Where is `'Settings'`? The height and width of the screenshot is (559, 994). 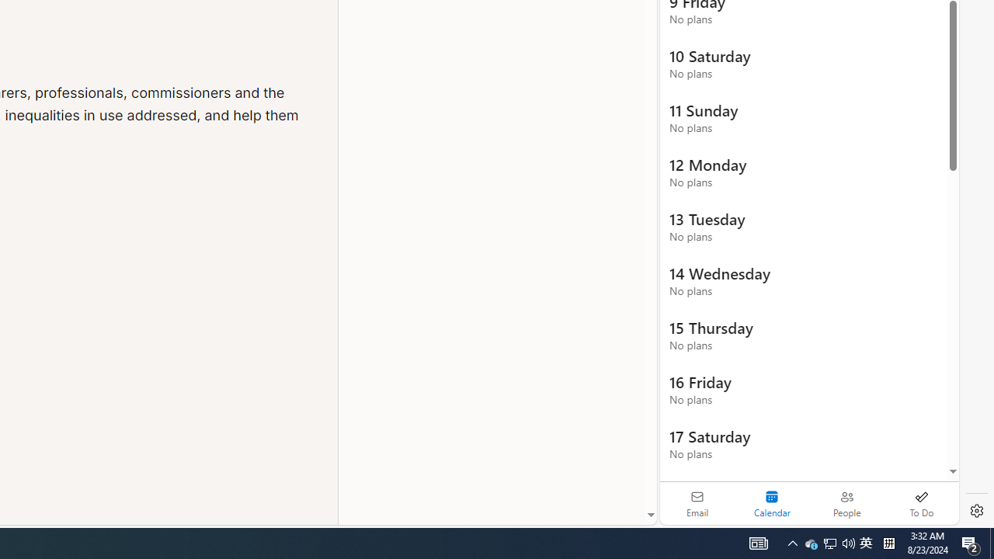 'Settings' is located at coordinates (976, 511).